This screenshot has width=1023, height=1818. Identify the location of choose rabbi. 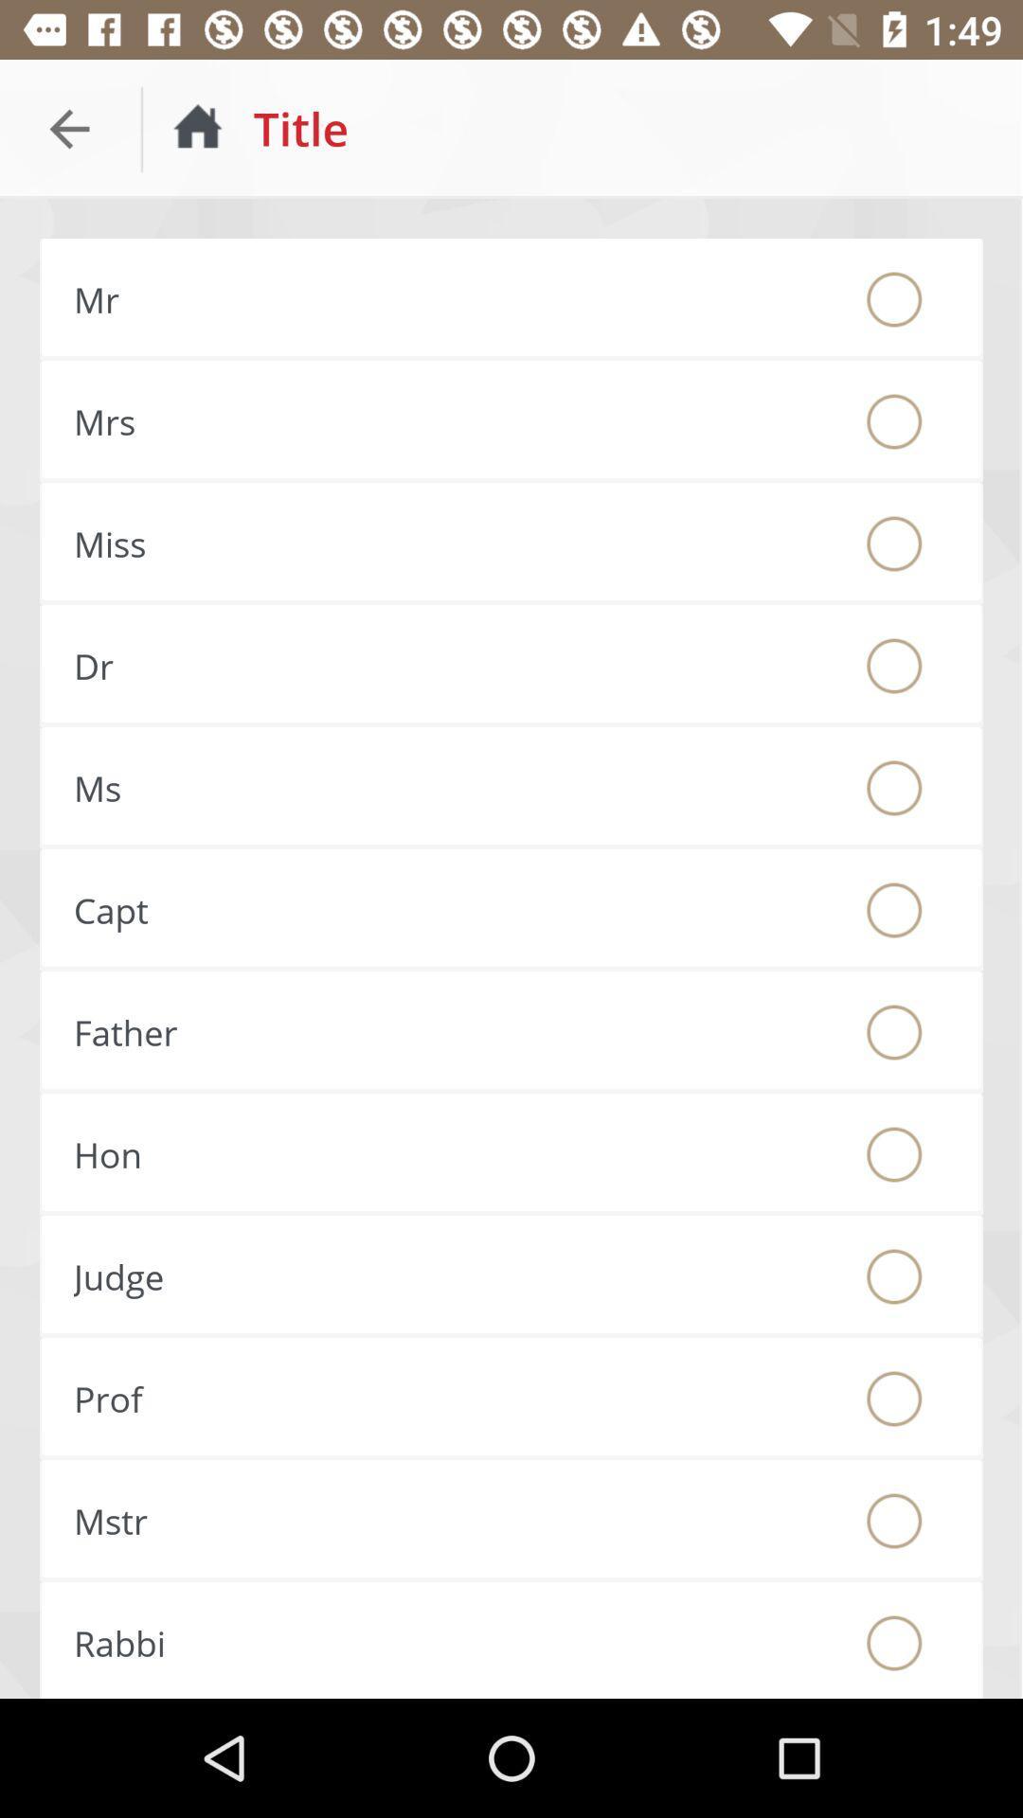
(894, 1642).